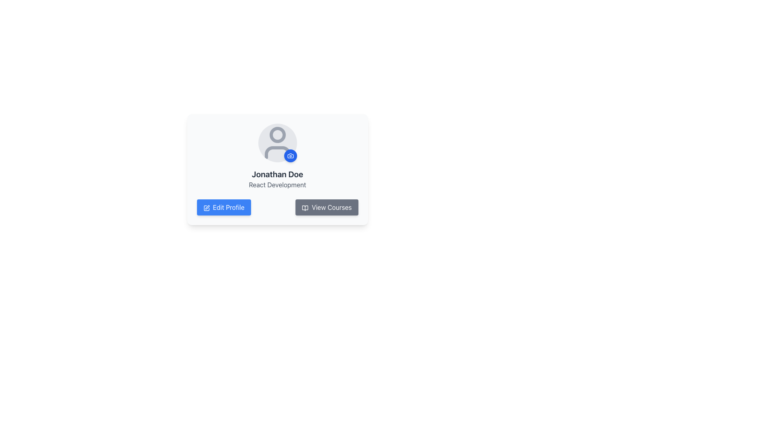  I want to click on the avatar in the Profile card section, so click(277, 157).